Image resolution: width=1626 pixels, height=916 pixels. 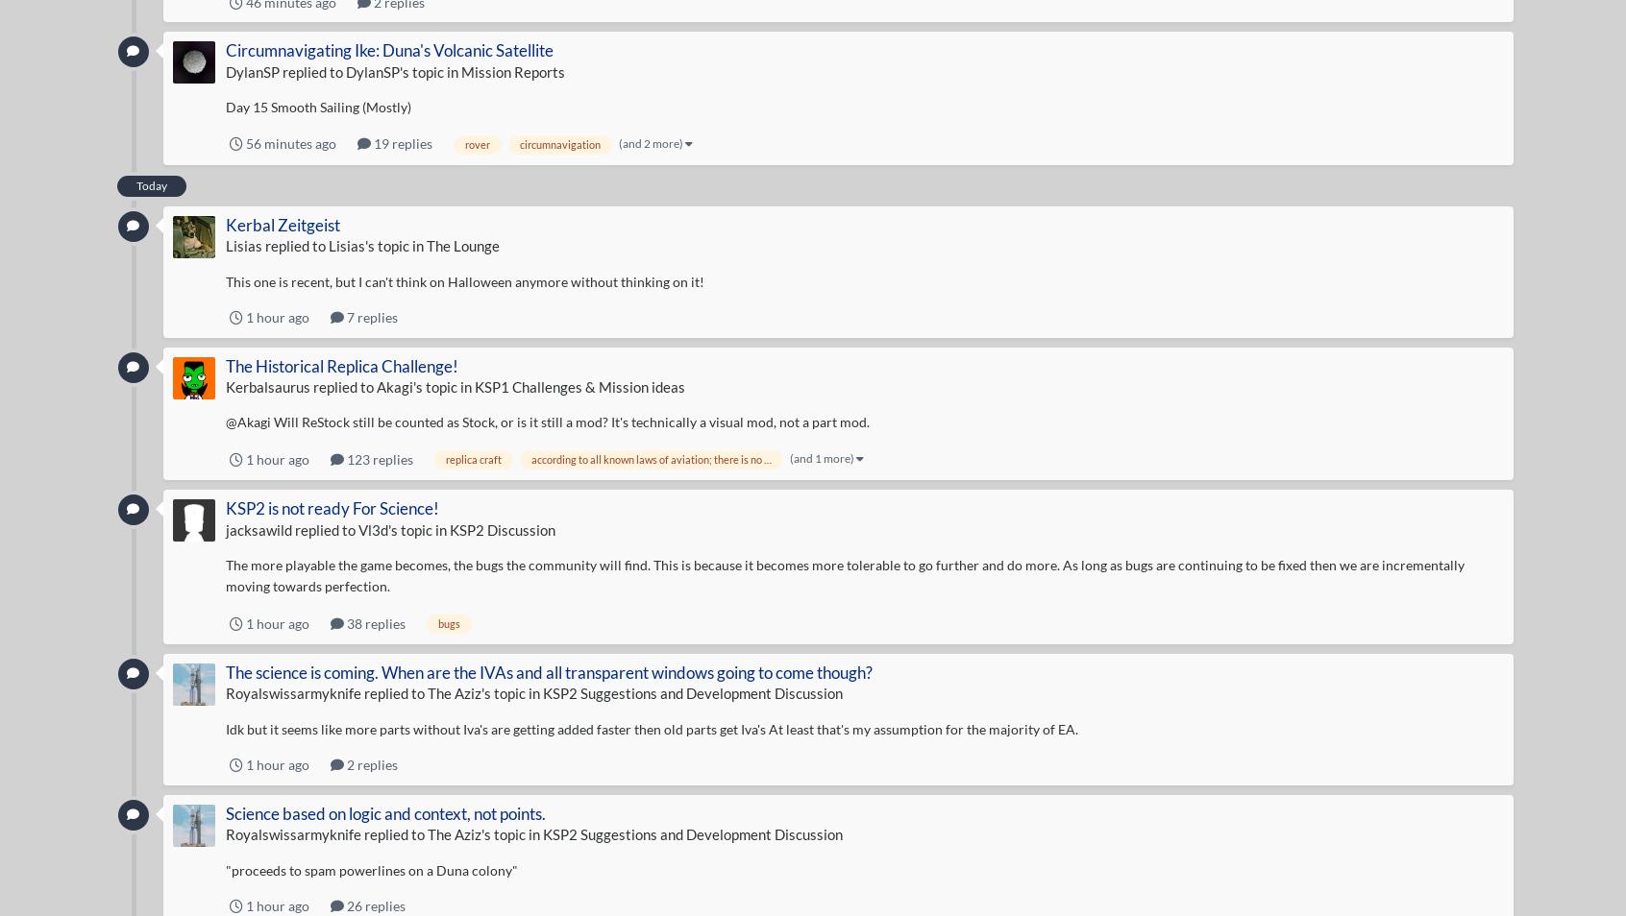 I want to click on 'Akagi', so click(x=393, y=386).